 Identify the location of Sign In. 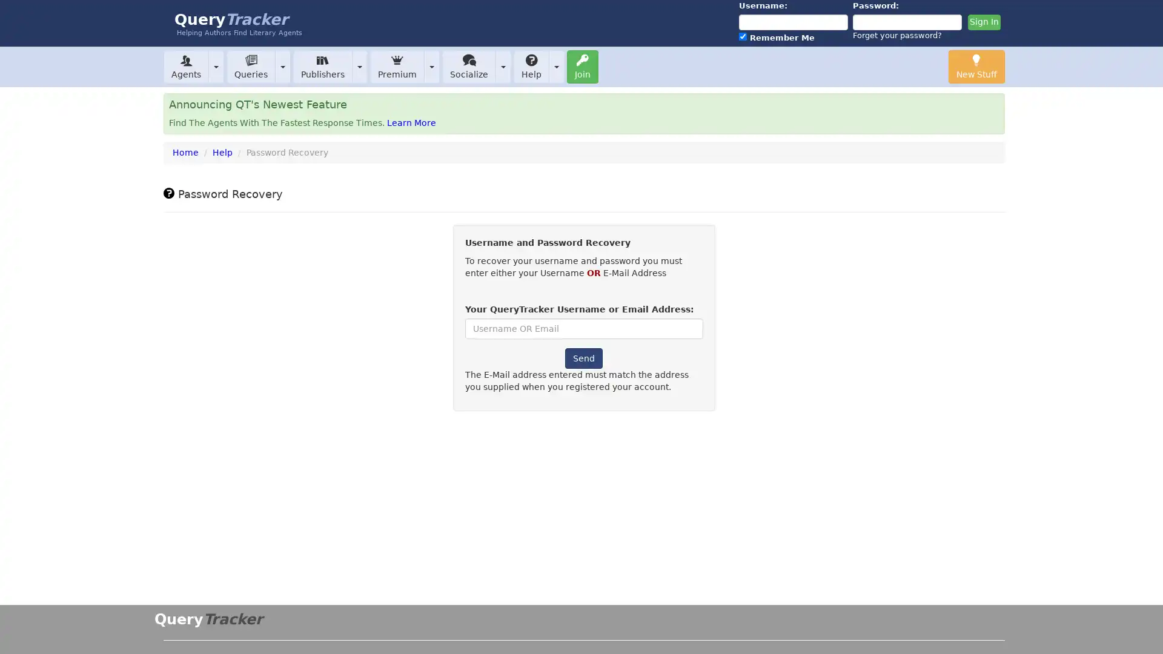
(983, 22).